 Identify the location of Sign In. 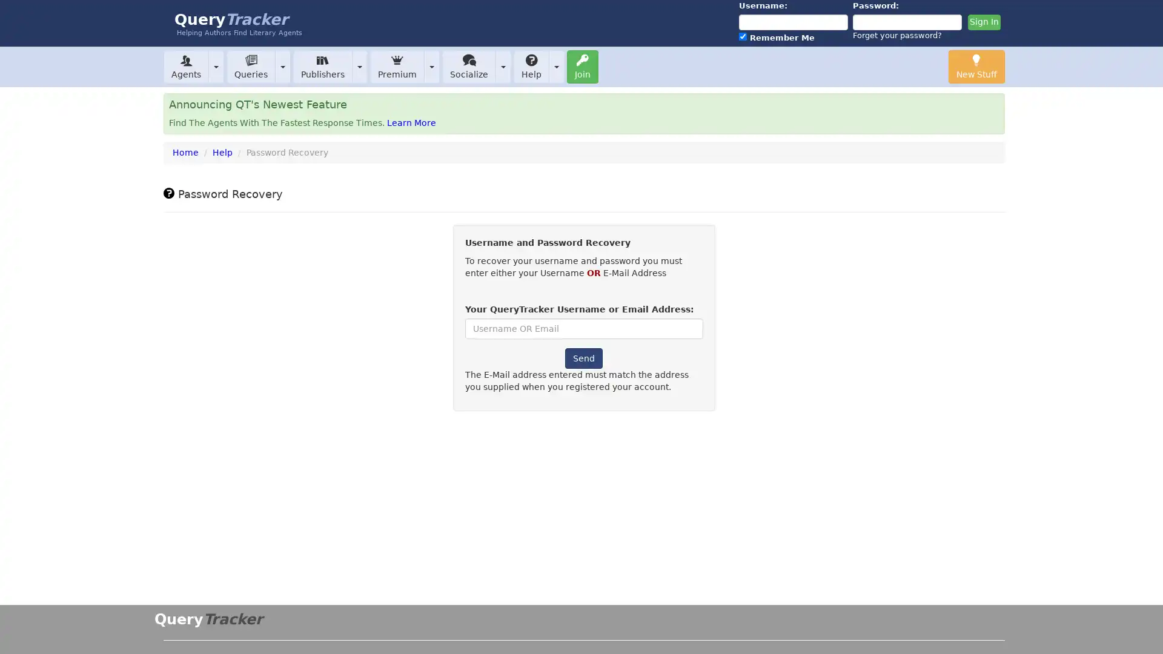
(983, 22).